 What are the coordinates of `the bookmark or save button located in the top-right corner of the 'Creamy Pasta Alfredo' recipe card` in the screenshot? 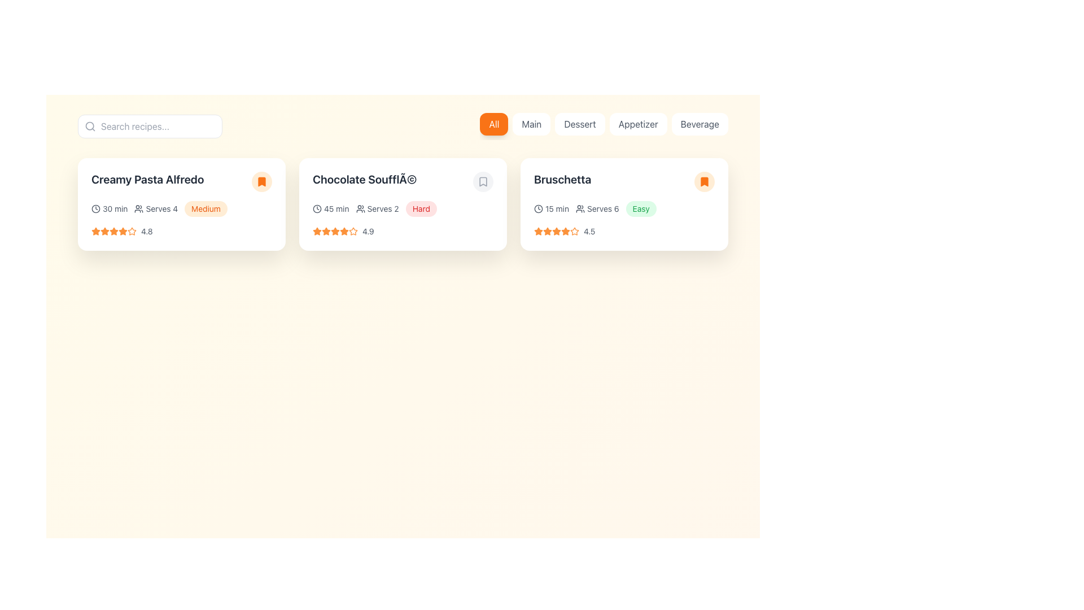 It's located at (261, 181).